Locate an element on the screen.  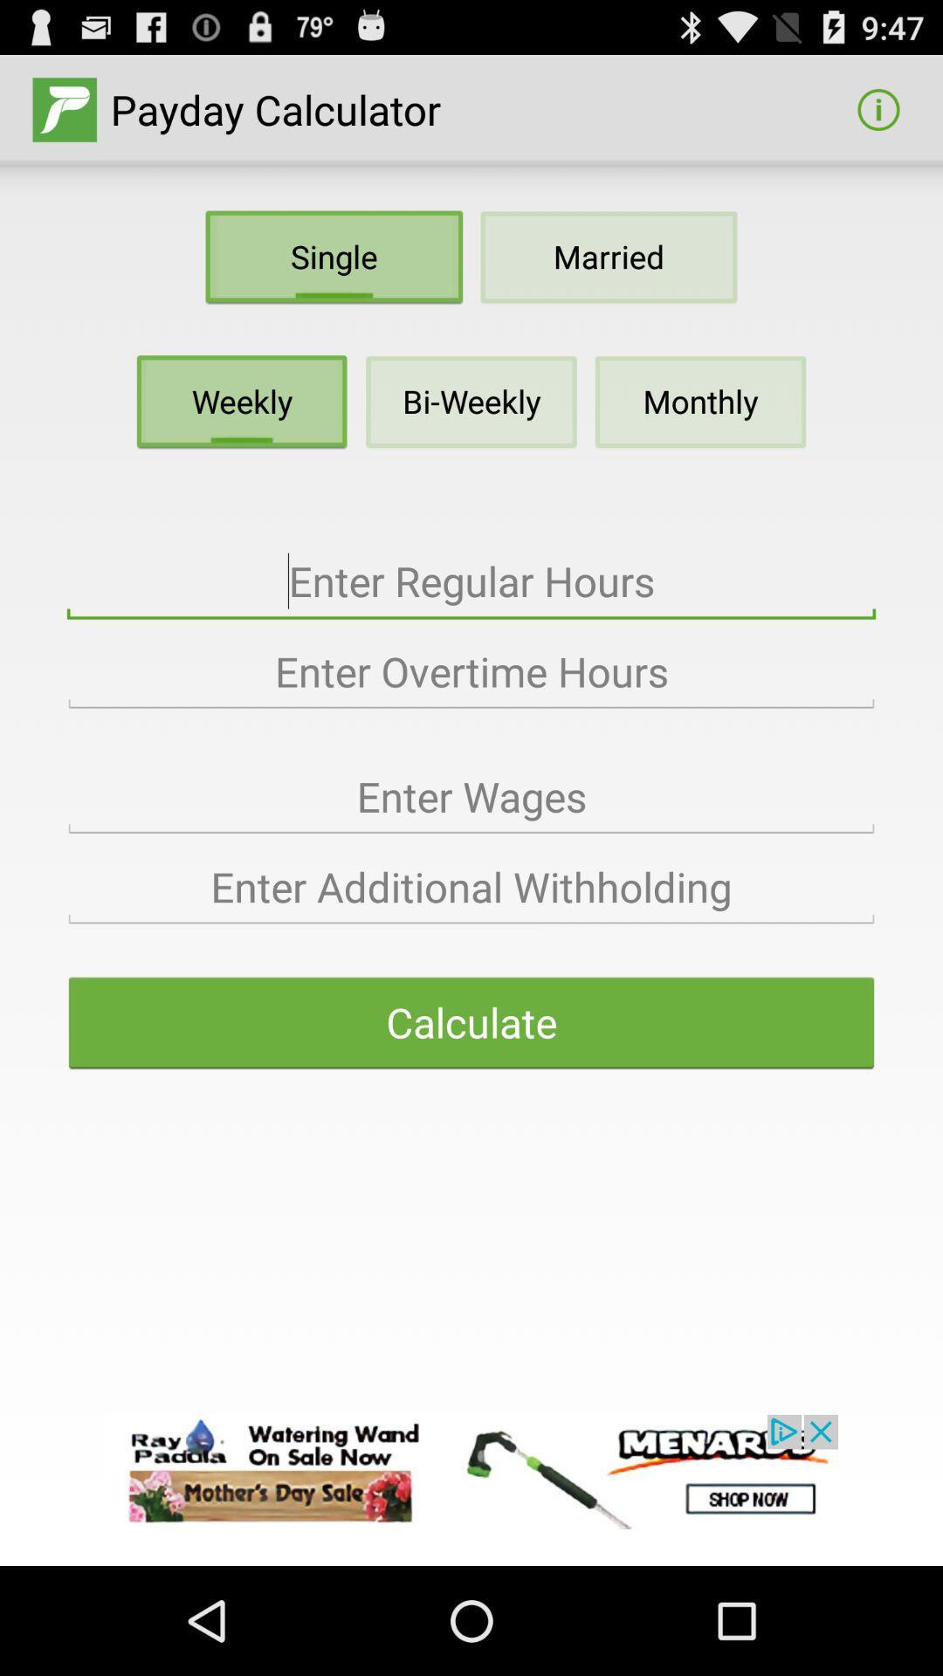
for additonal time is located at coordinates (471, 888).